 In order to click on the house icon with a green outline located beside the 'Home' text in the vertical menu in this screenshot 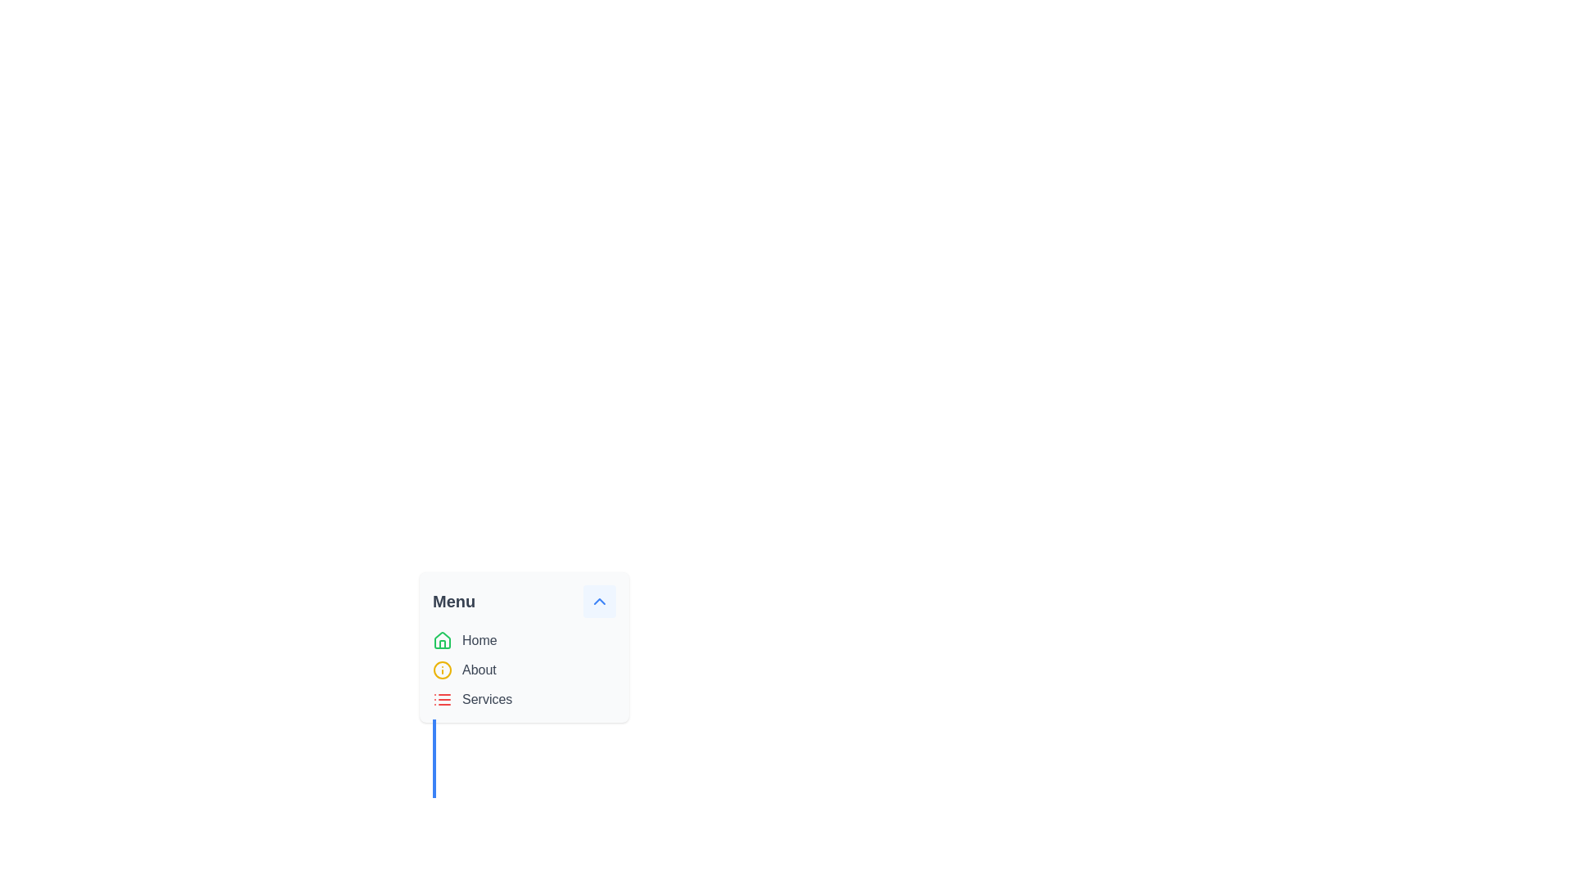, I will do `click(443, 640)`.